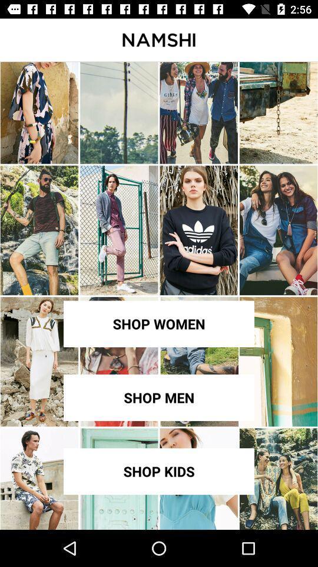 This screenshot has width=318, height=567. Describe the element at coordinates (159, 397) in the screenshot. I see `item below shop women` at that location.